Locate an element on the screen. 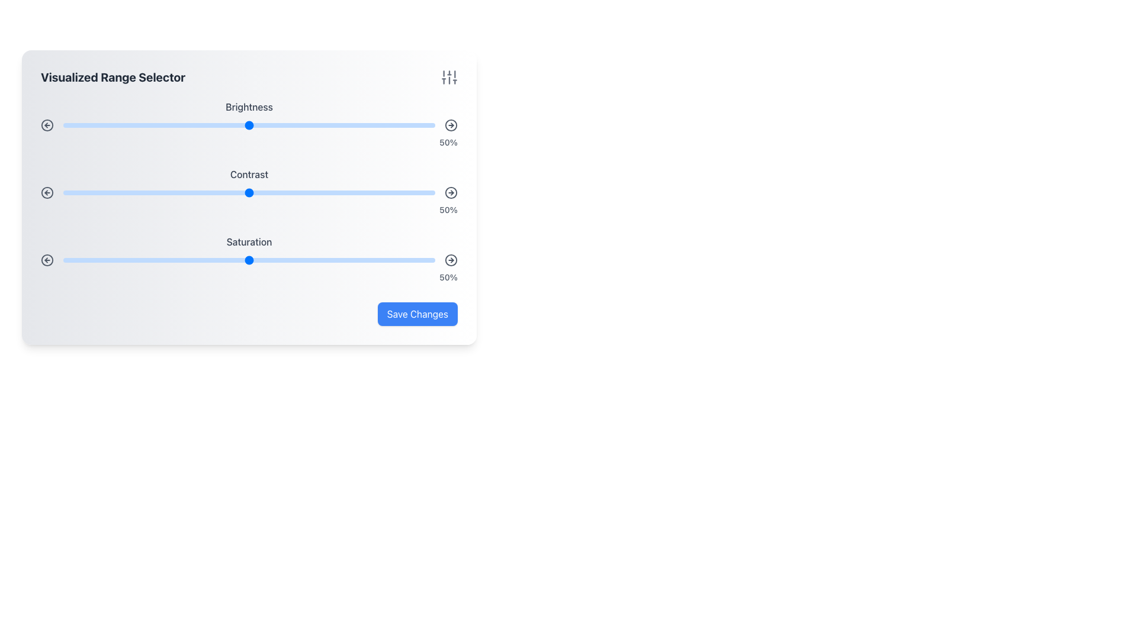  the slider value is located at coordinates (334, 192).